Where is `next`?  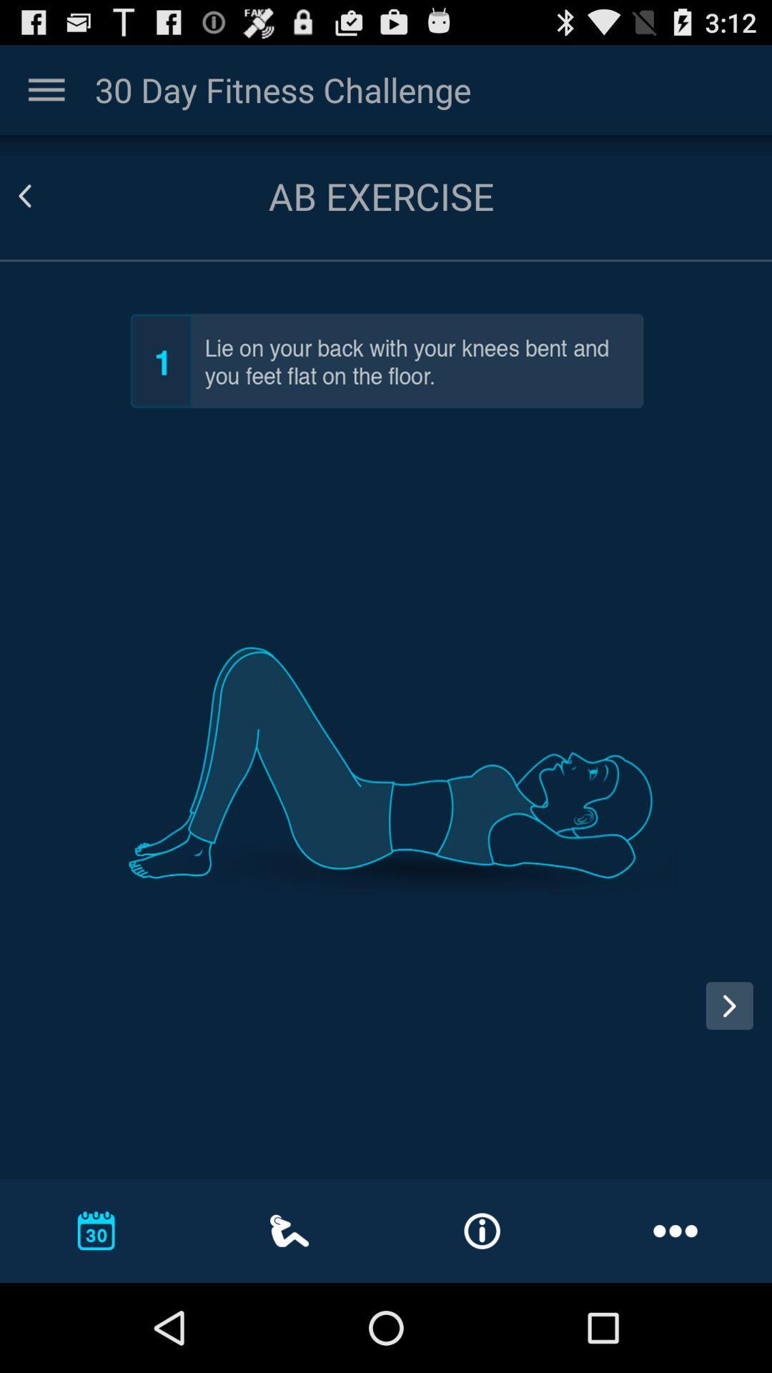
next is located at coordinates (734, 1018).